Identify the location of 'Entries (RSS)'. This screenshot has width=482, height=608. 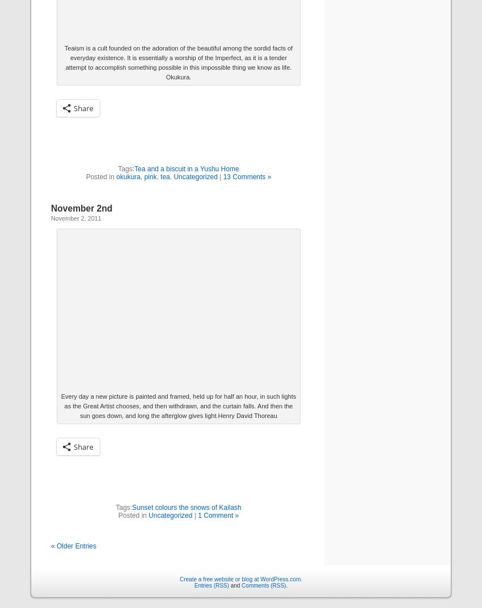
(210, 585).